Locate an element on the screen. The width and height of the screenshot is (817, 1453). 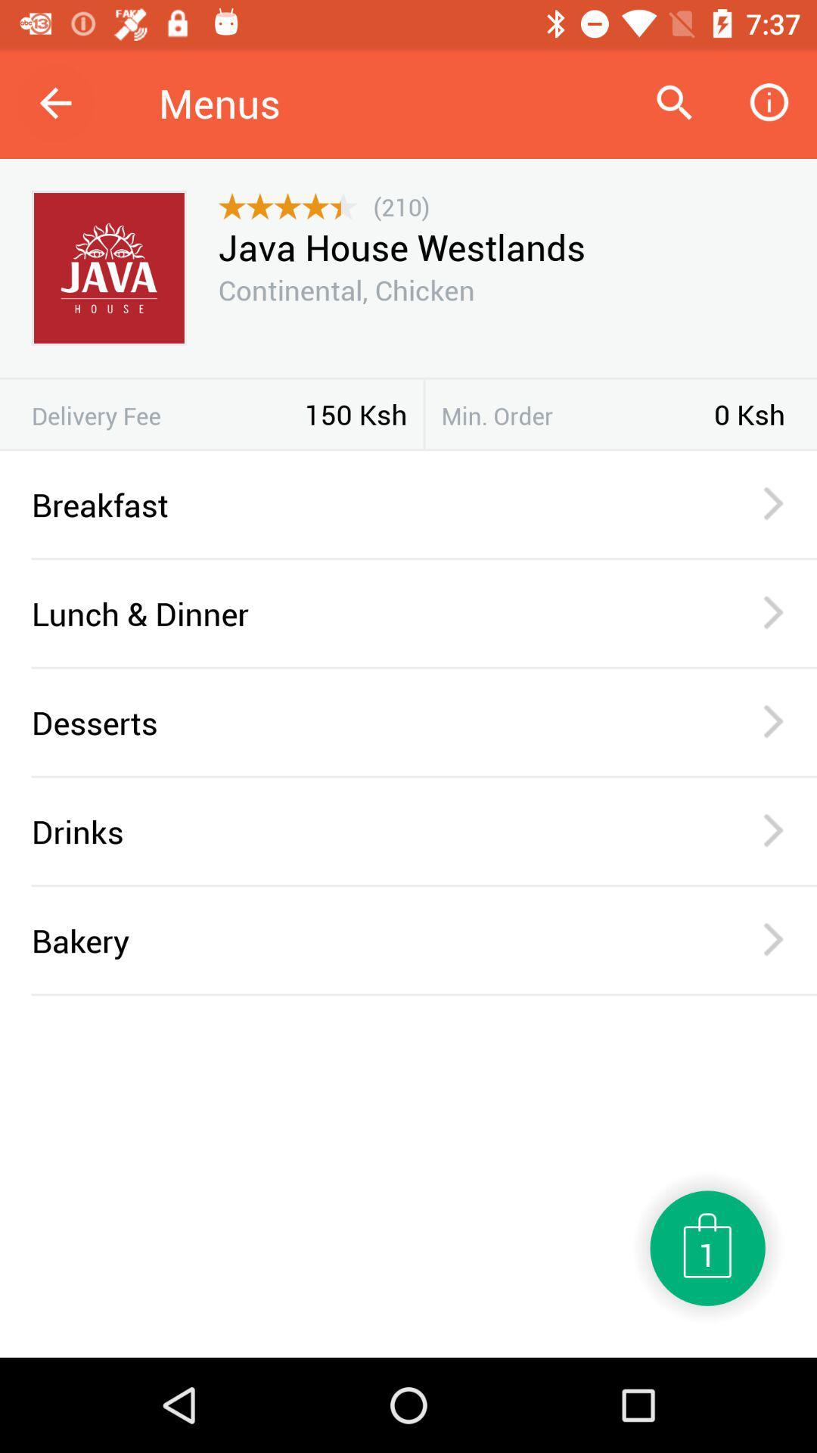
item below the menus icon is located at coordinates (287, 206).